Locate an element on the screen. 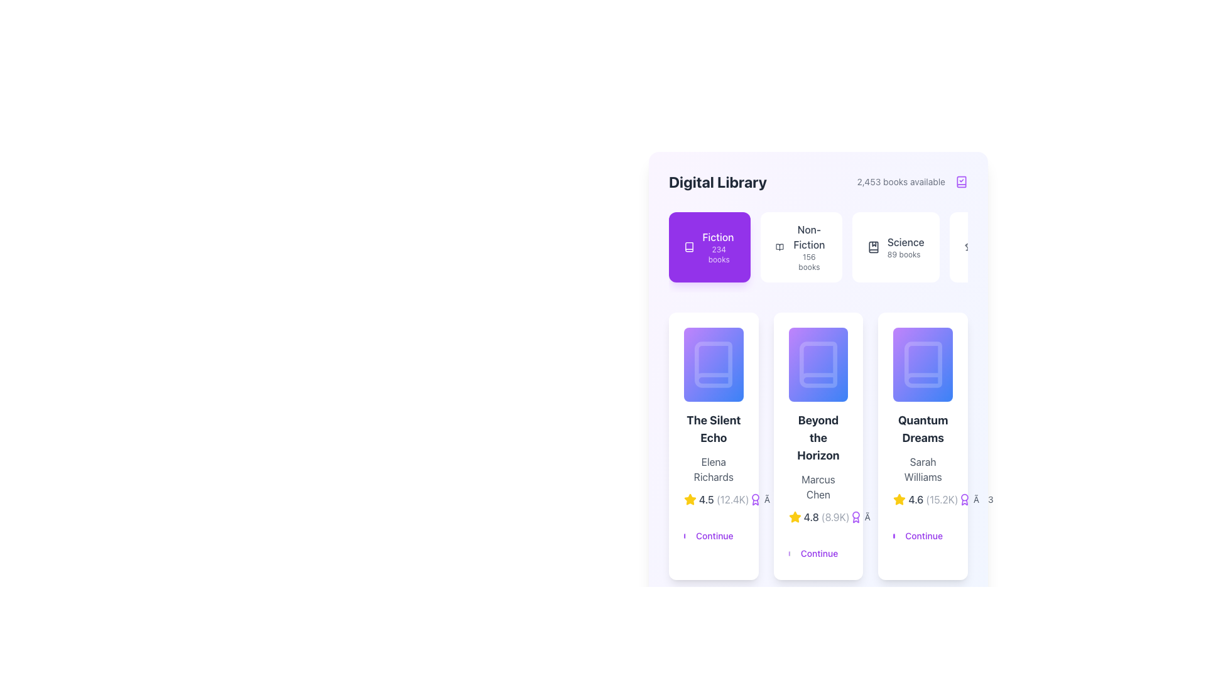 This screenshot has width=1206, height=678. the text label reading 'Quantum Dreams' located in the header of the third card under the 'Fiction' tab in the 'Digital Library' interface is located at coordinates (923, 429).